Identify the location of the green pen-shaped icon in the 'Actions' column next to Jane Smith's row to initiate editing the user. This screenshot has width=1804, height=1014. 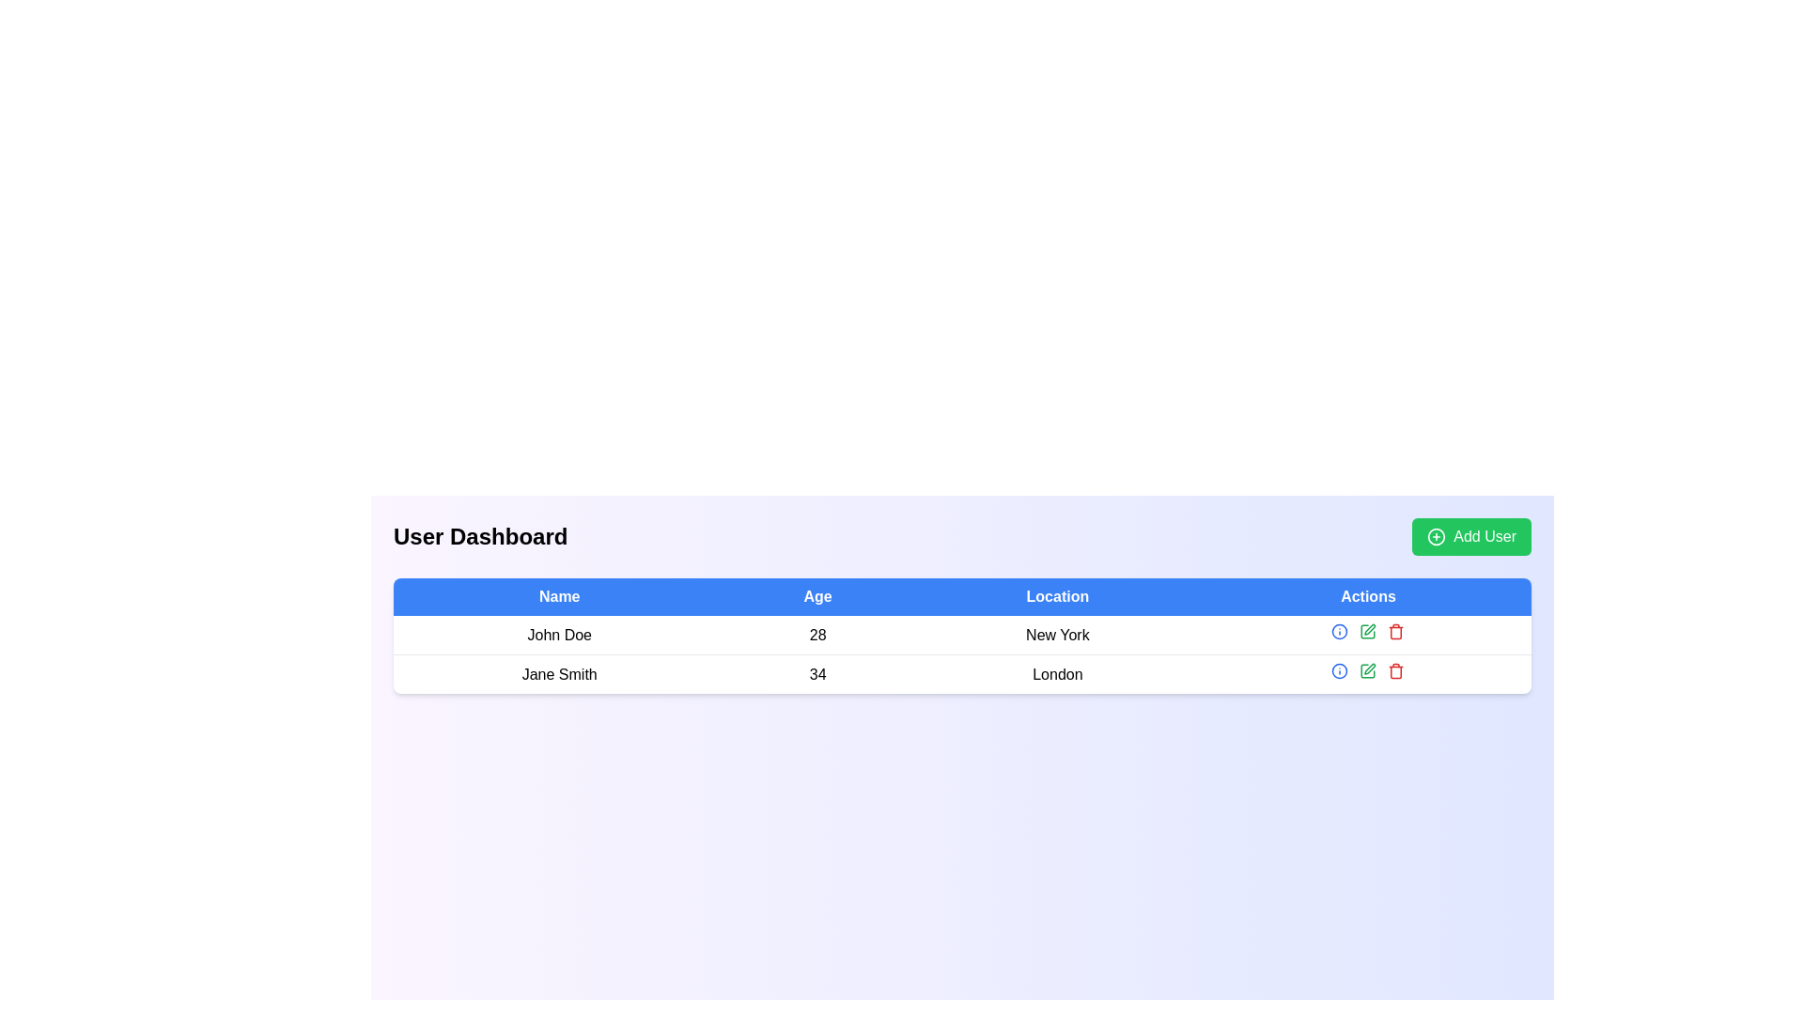
(1370, 629).